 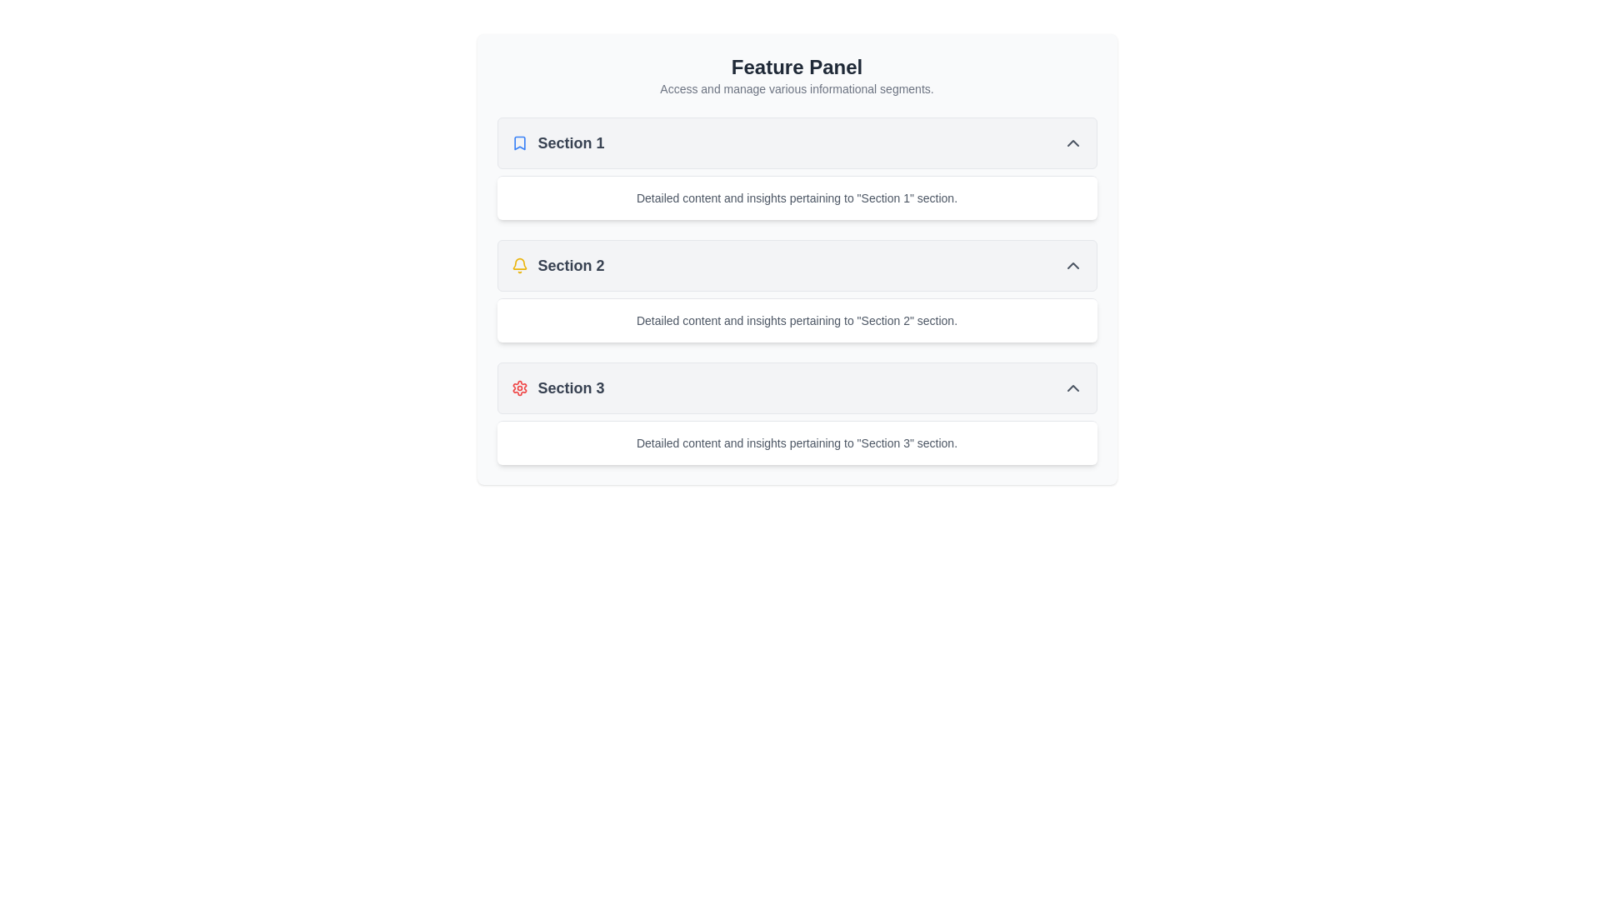 What do you see at coordinates (518, 265) in the screenshot?
I see `the yellow bell icon indicating notifications or alerts, which is located to the left of the text 'Section 2' in the second row of sections` at bounding box center [518, 265].